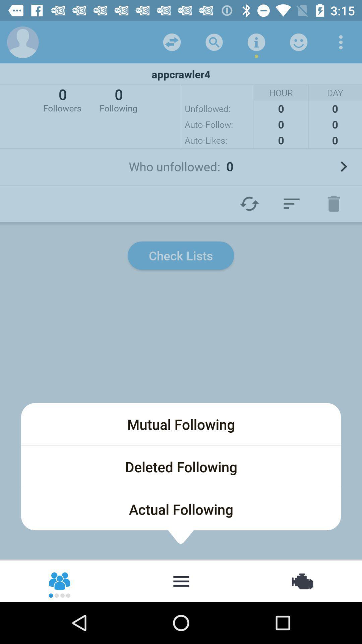 The width and height of the screenshot is (362, 644). What do you see at coordinates (341, 42) in the screenshot?
I see `more options` at bounding box center [341, 42].